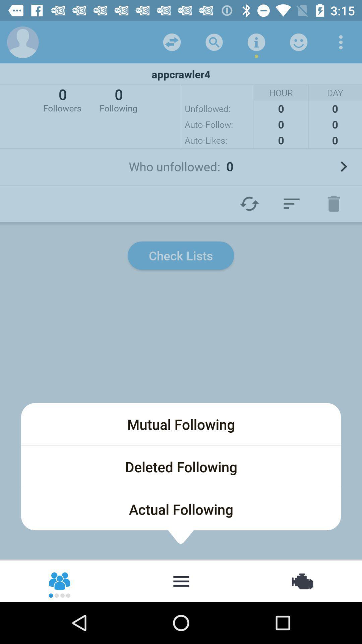 The width and height of the screenshot is (362, 644). What do you see at coordinates (341, 42) in the screenshot?
I see `more options` at bounding box center [341, 42].